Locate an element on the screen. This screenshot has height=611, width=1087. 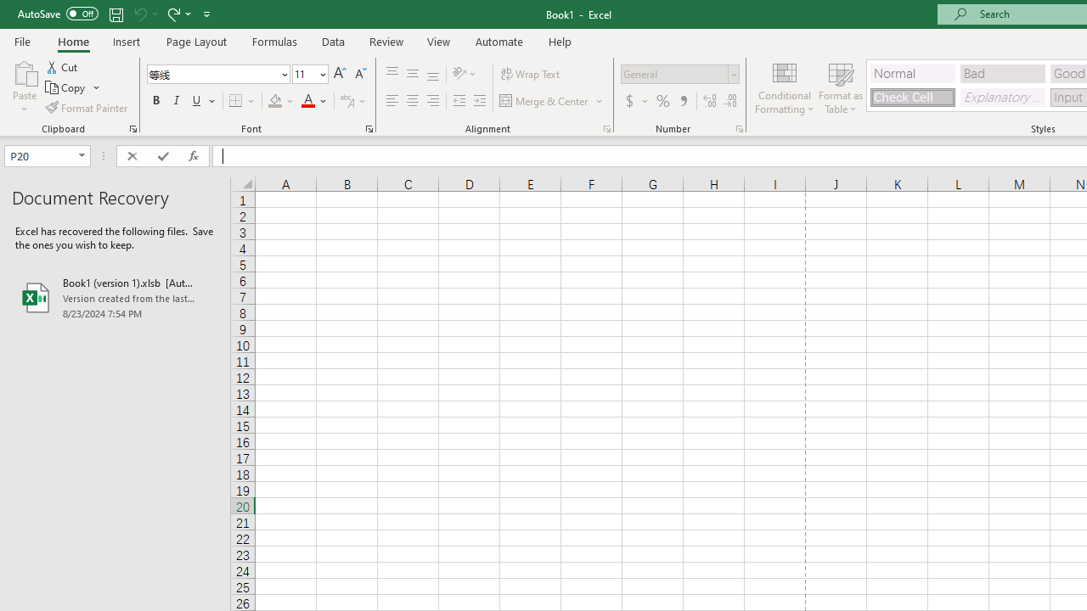
'Decrease Indent' is located at coordinates (459, 101).